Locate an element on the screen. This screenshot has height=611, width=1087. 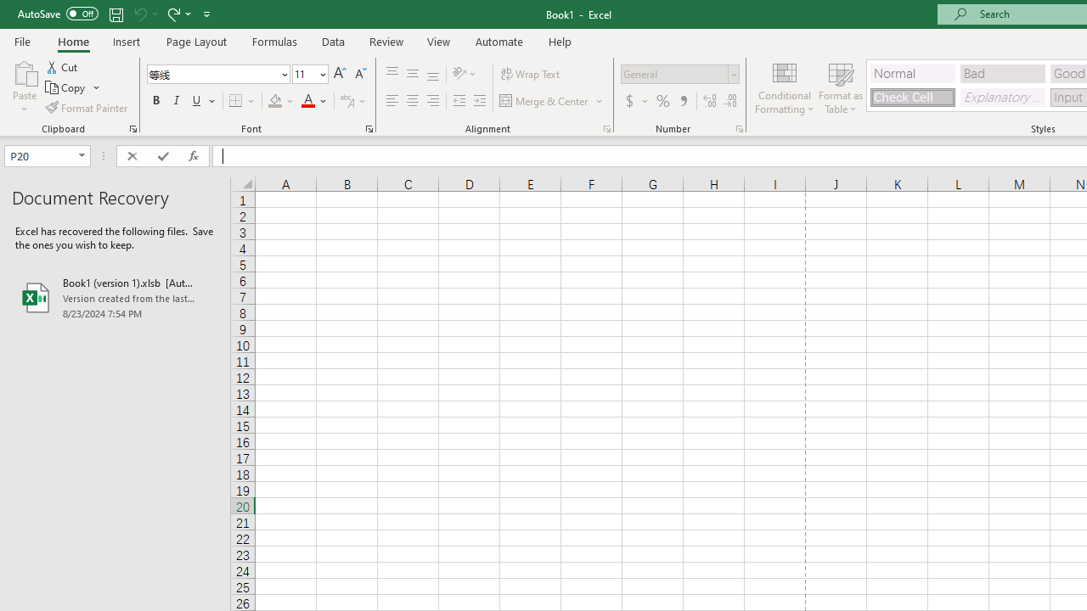
'Decrease Indent' is located at coordinates (459, 101).